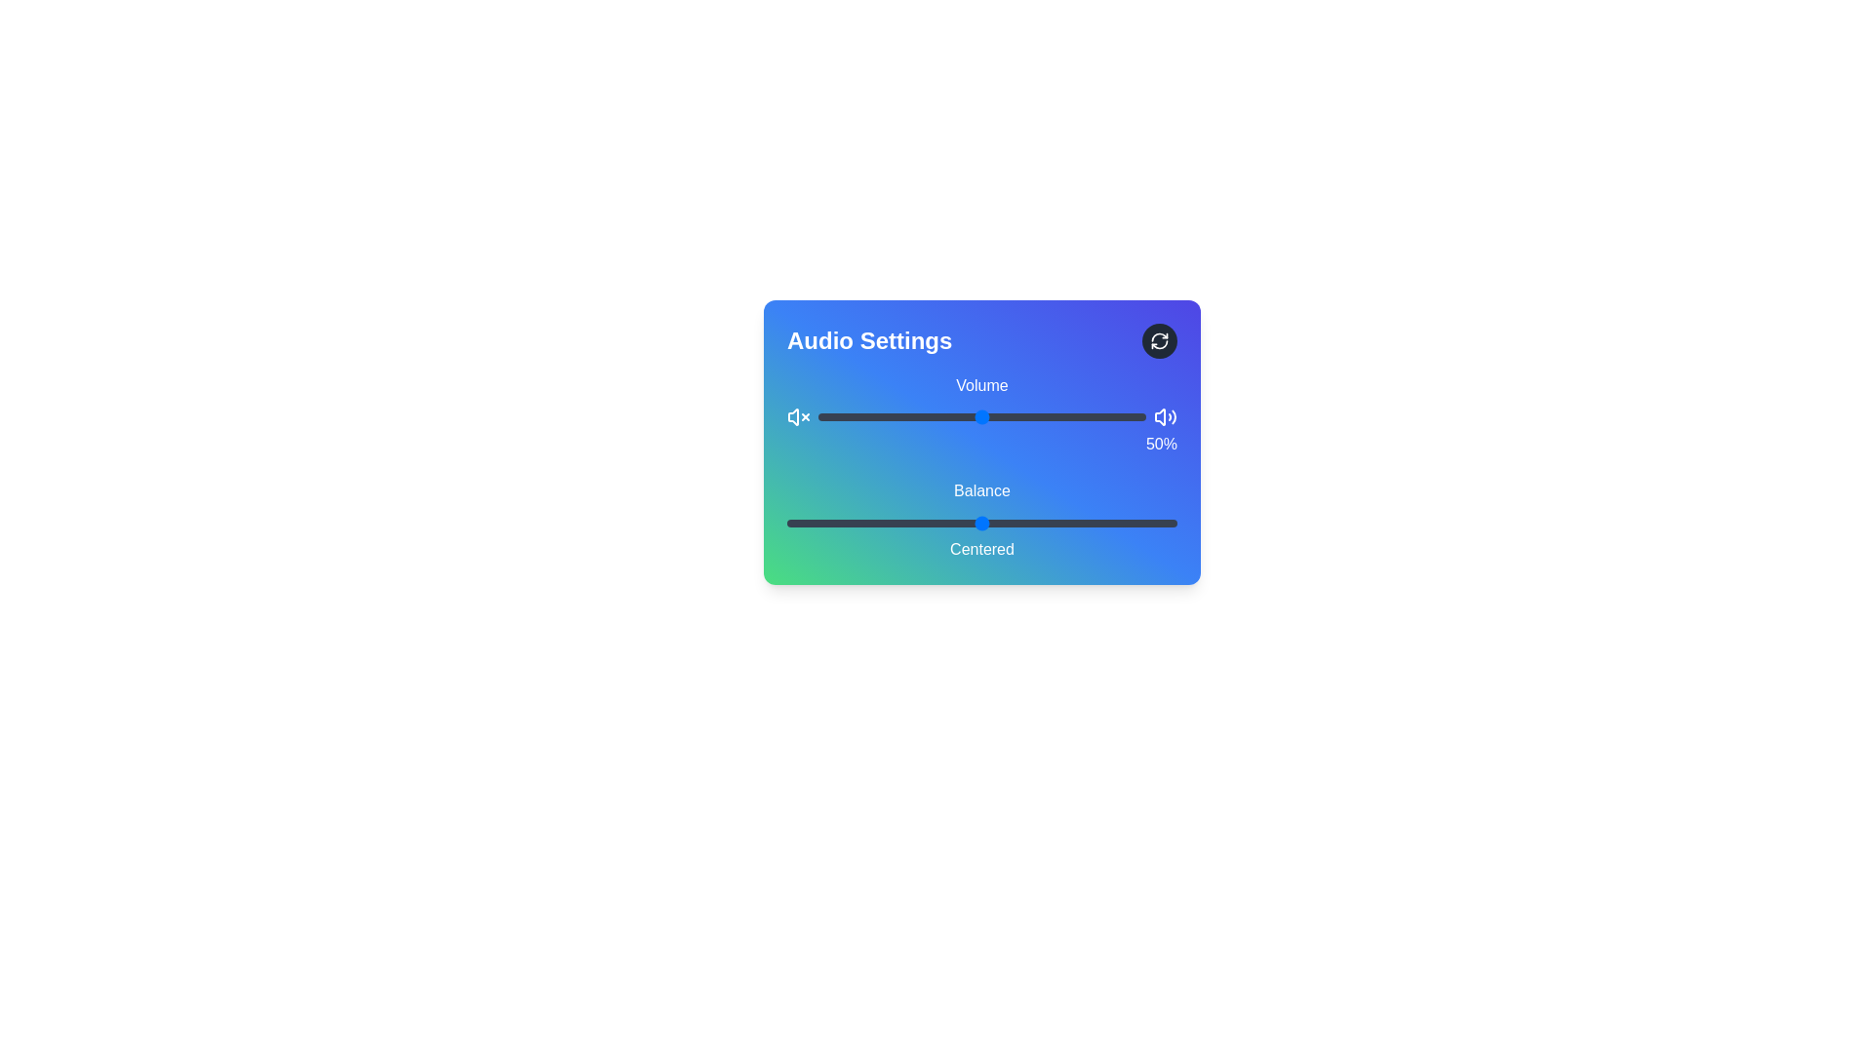  Describe the element at coordinates (838, 522) in the screenshot. I see `the balance` at that location.